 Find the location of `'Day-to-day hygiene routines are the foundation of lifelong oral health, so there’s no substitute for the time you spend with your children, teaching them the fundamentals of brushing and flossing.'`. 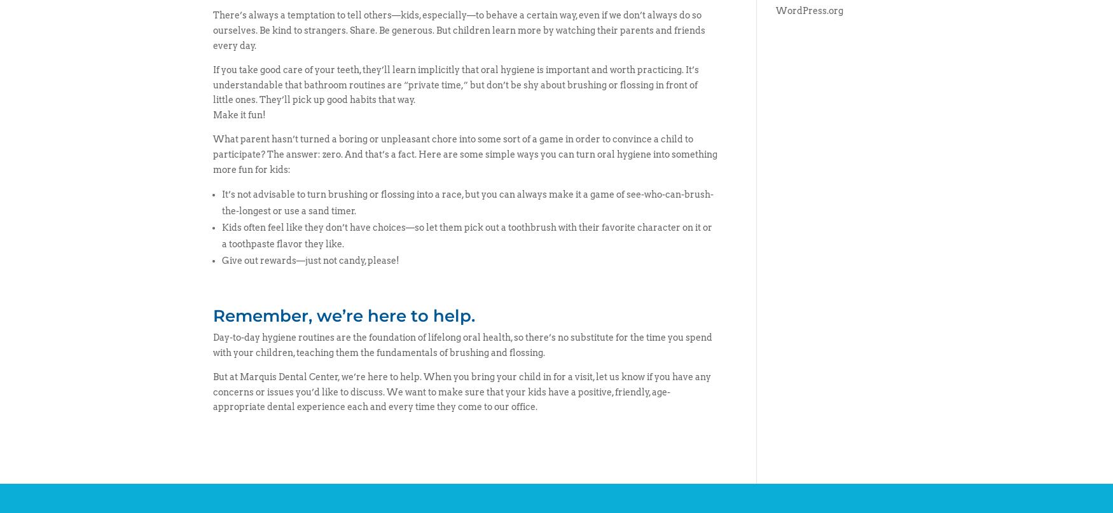

'Day-to-day hygiene routines are the foundation of lifelong oral health, so there’s no substitute for the time you spend with your children, teaching them the fundamentals of brushing and flossing.' is located at coordinates (212, 345).